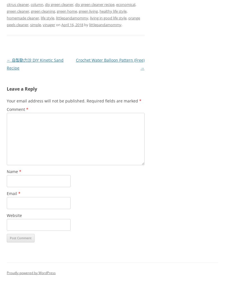 This screenshot has width=225, height=282. Describe the element at coordinates (113, 100) in the screenshot. I see `'Required fields are marked'` at that location.